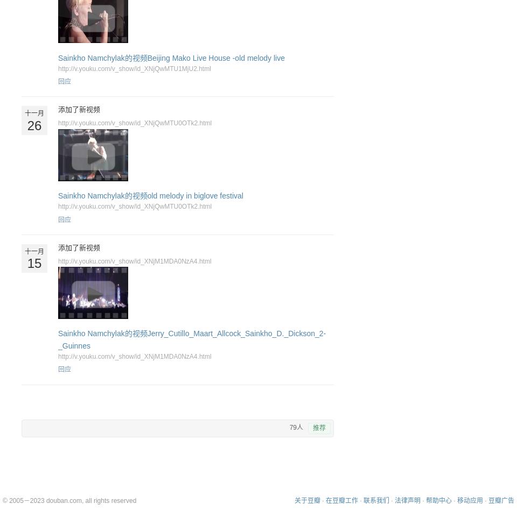  I want to click on 'http://v.youku.com/v_show/id_XNjQwMTU1MjU2.html', so click(58, 68).